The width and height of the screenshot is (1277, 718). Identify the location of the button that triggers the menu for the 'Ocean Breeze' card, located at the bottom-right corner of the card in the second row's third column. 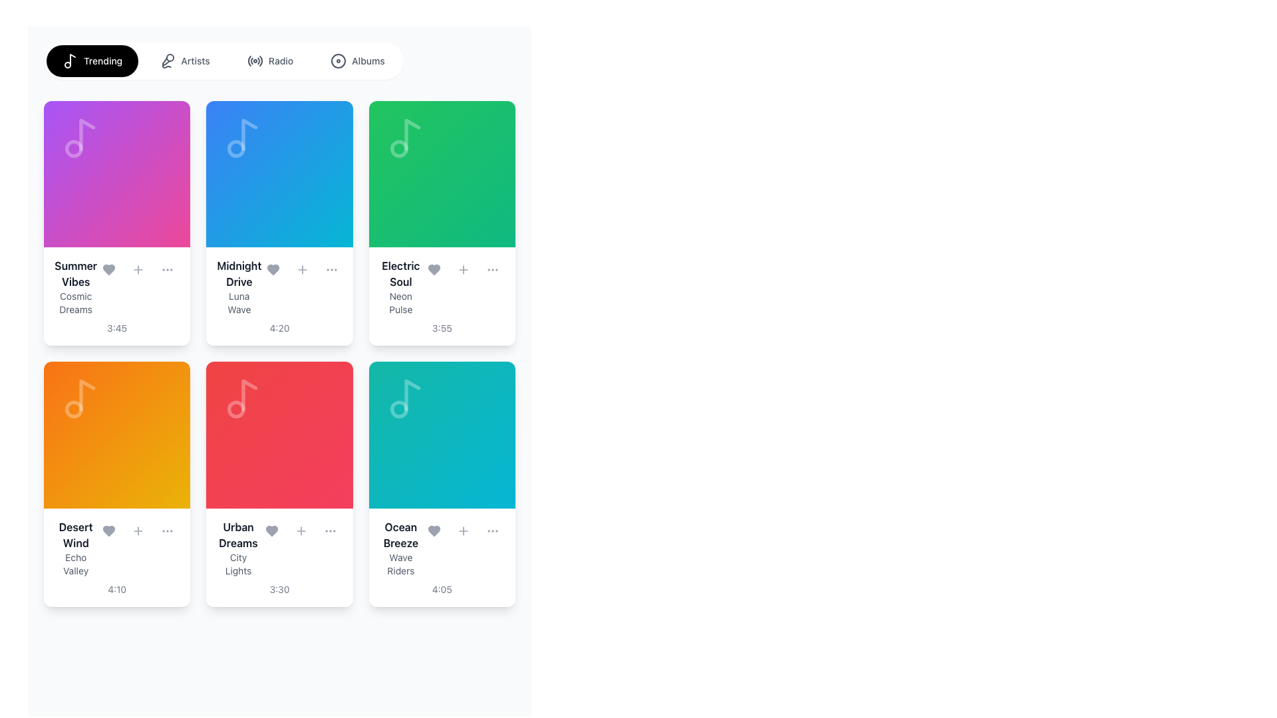
(492, 530).